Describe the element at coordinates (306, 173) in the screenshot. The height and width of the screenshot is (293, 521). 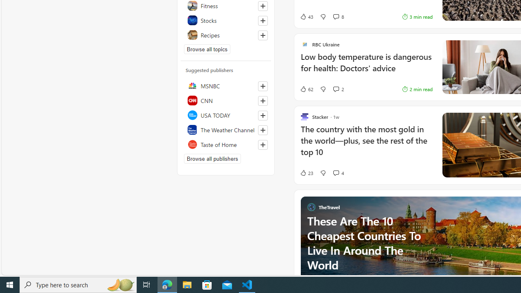
I see `'23 Like'` at that location.